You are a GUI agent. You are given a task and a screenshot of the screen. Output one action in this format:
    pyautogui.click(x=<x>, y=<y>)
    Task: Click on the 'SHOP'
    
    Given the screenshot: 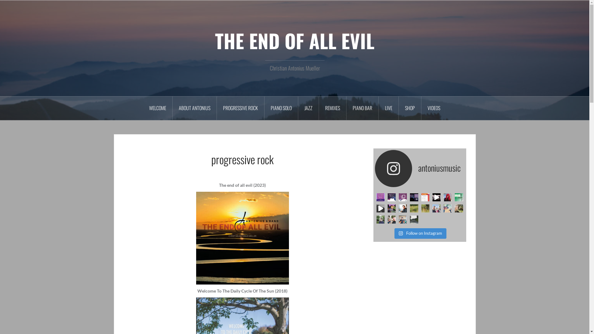 What is the action you would take?
    pyautogui.click(x=410, y=108)
    